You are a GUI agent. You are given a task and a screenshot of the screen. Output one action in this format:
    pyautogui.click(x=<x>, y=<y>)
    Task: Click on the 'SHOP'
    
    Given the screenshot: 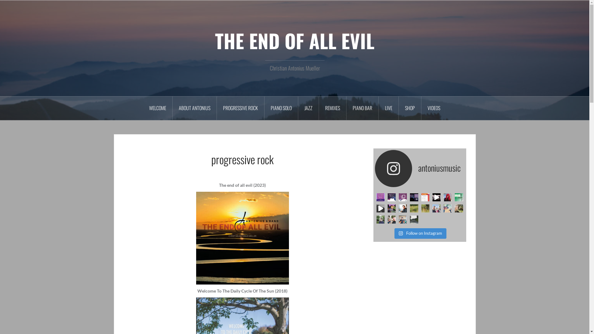 What is the action you would take?
    pyautogui.click(x=410, y=108)
    